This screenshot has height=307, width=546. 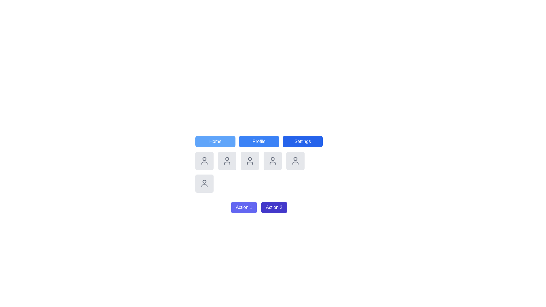 What do you see at coordinates (250, 159) in the screenshot?
I see `the topmost circle of the second icon in the second row of user symbols located underneath the 'Profile' button, which represents the head portion of the user profile icon` at bounding box center [250, 159].